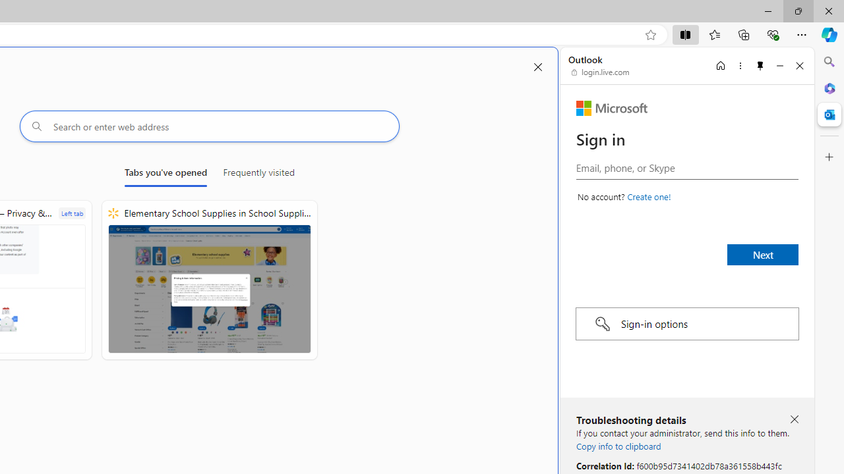 The height and width of the screenshot is (474, 844). What do you see at coordinates (829, 62) in the screenshot?
I see `'Close Search pane'` at bounding box center [829, 62].